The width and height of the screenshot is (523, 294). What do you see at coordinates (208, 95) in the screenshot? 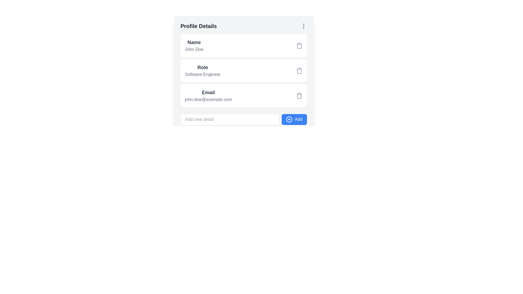
I see `the 'Email' text block element` at bounding box center [208, 95].